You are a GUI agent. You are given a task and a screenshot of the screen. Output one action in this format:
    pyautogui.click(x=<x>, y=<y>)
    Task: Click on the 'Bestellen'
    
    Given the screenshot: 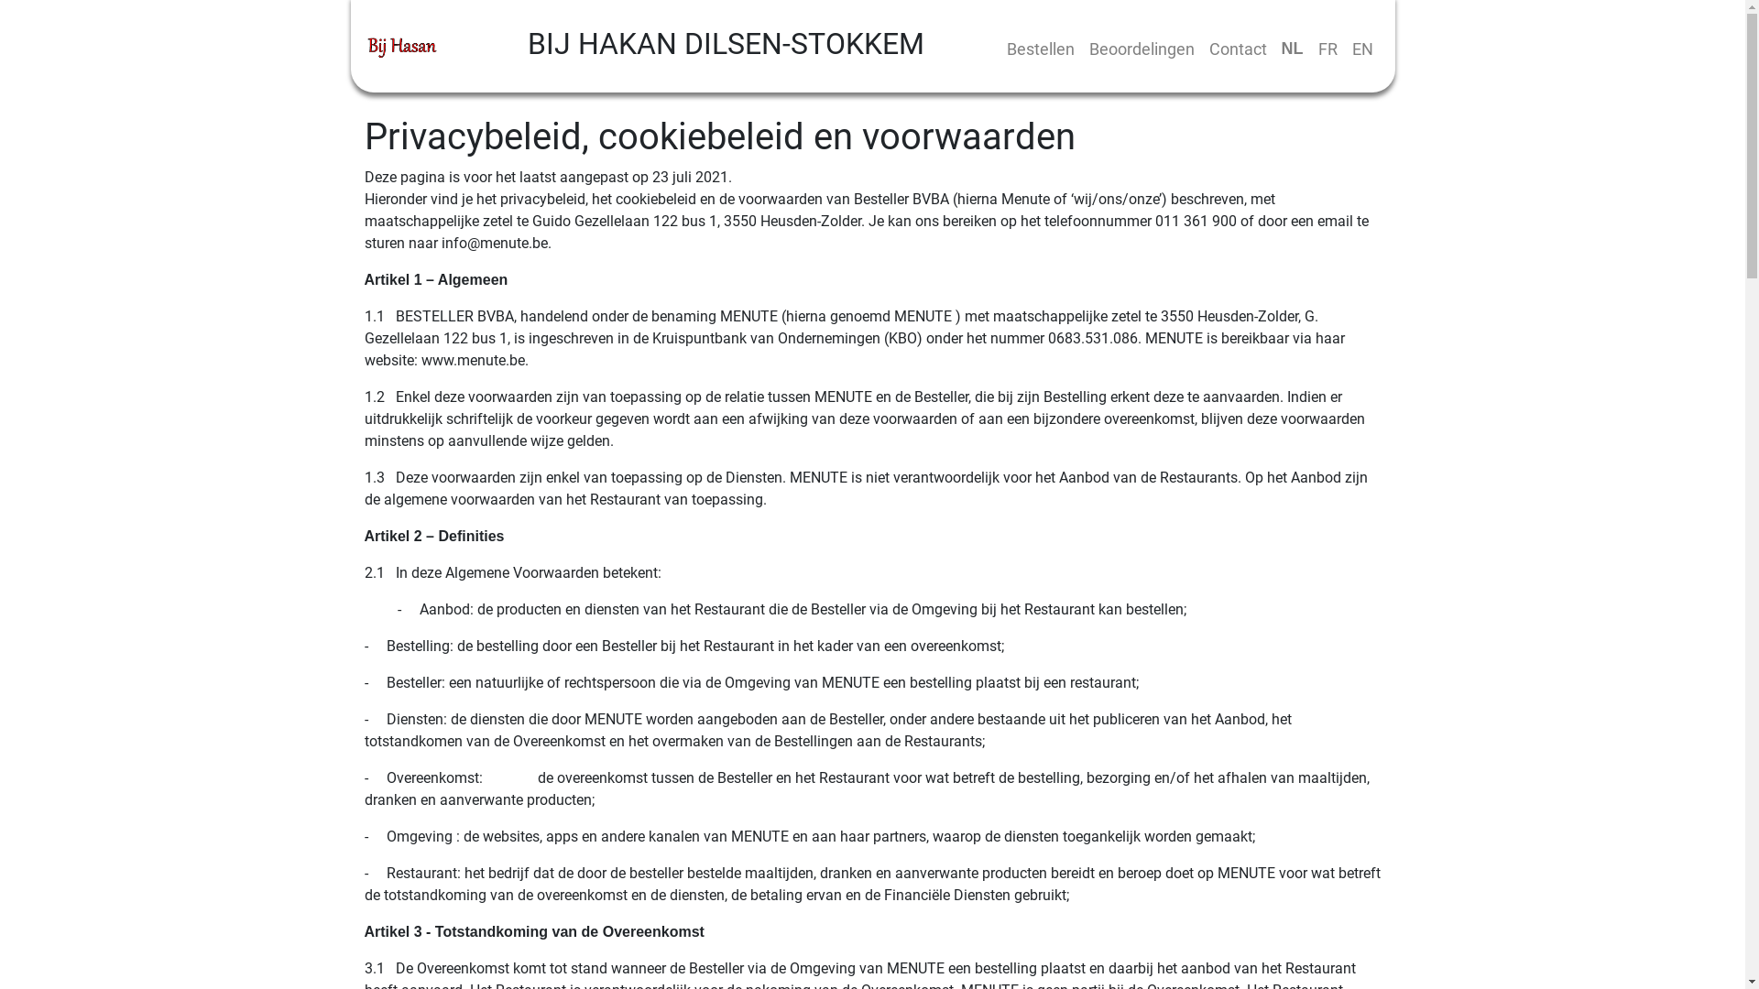 What is the action you would take?
    pyautogui.click(x=1039, y=48)
    